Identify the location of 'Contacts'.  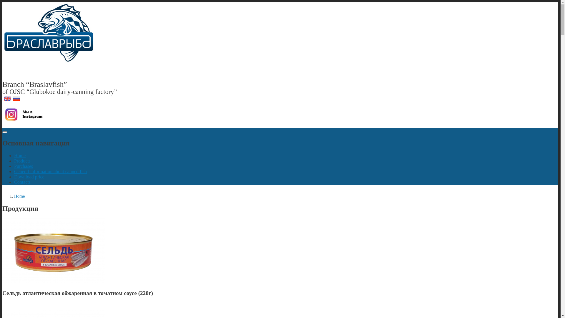
(22, 182).